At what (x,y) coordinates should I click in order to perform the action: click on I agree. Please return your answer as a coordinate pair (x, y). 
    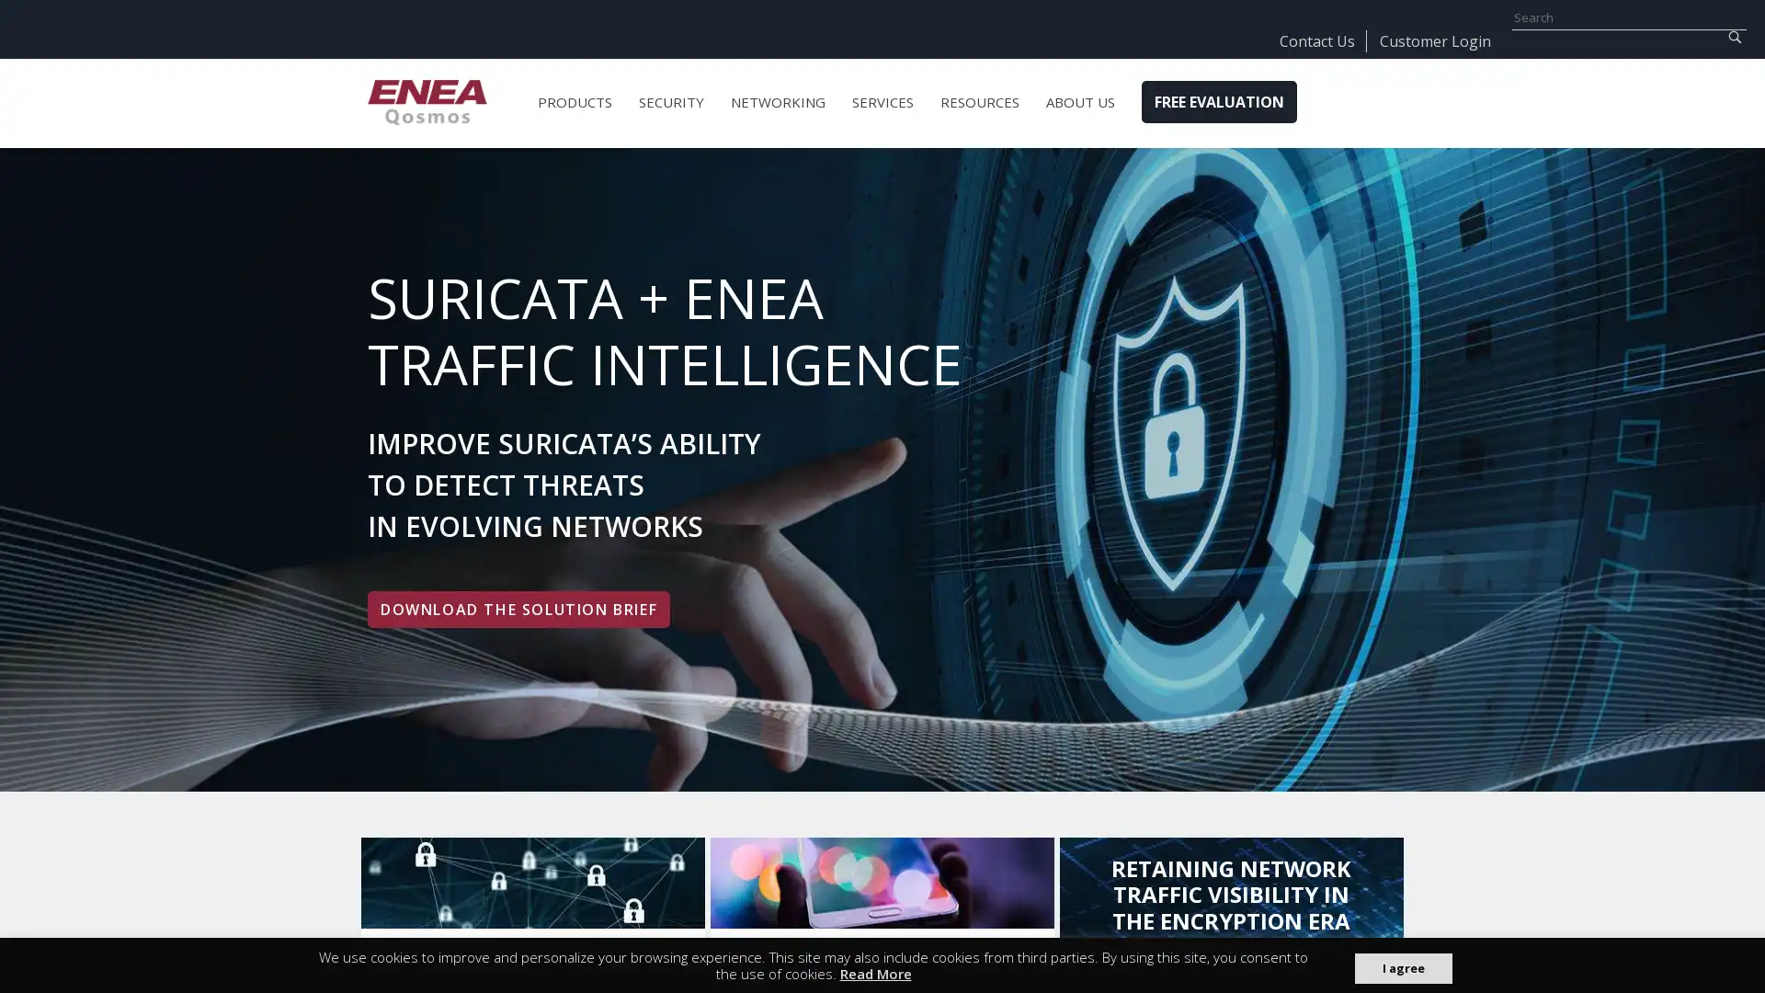
    Looking at the image, I should click on (1402, 967).